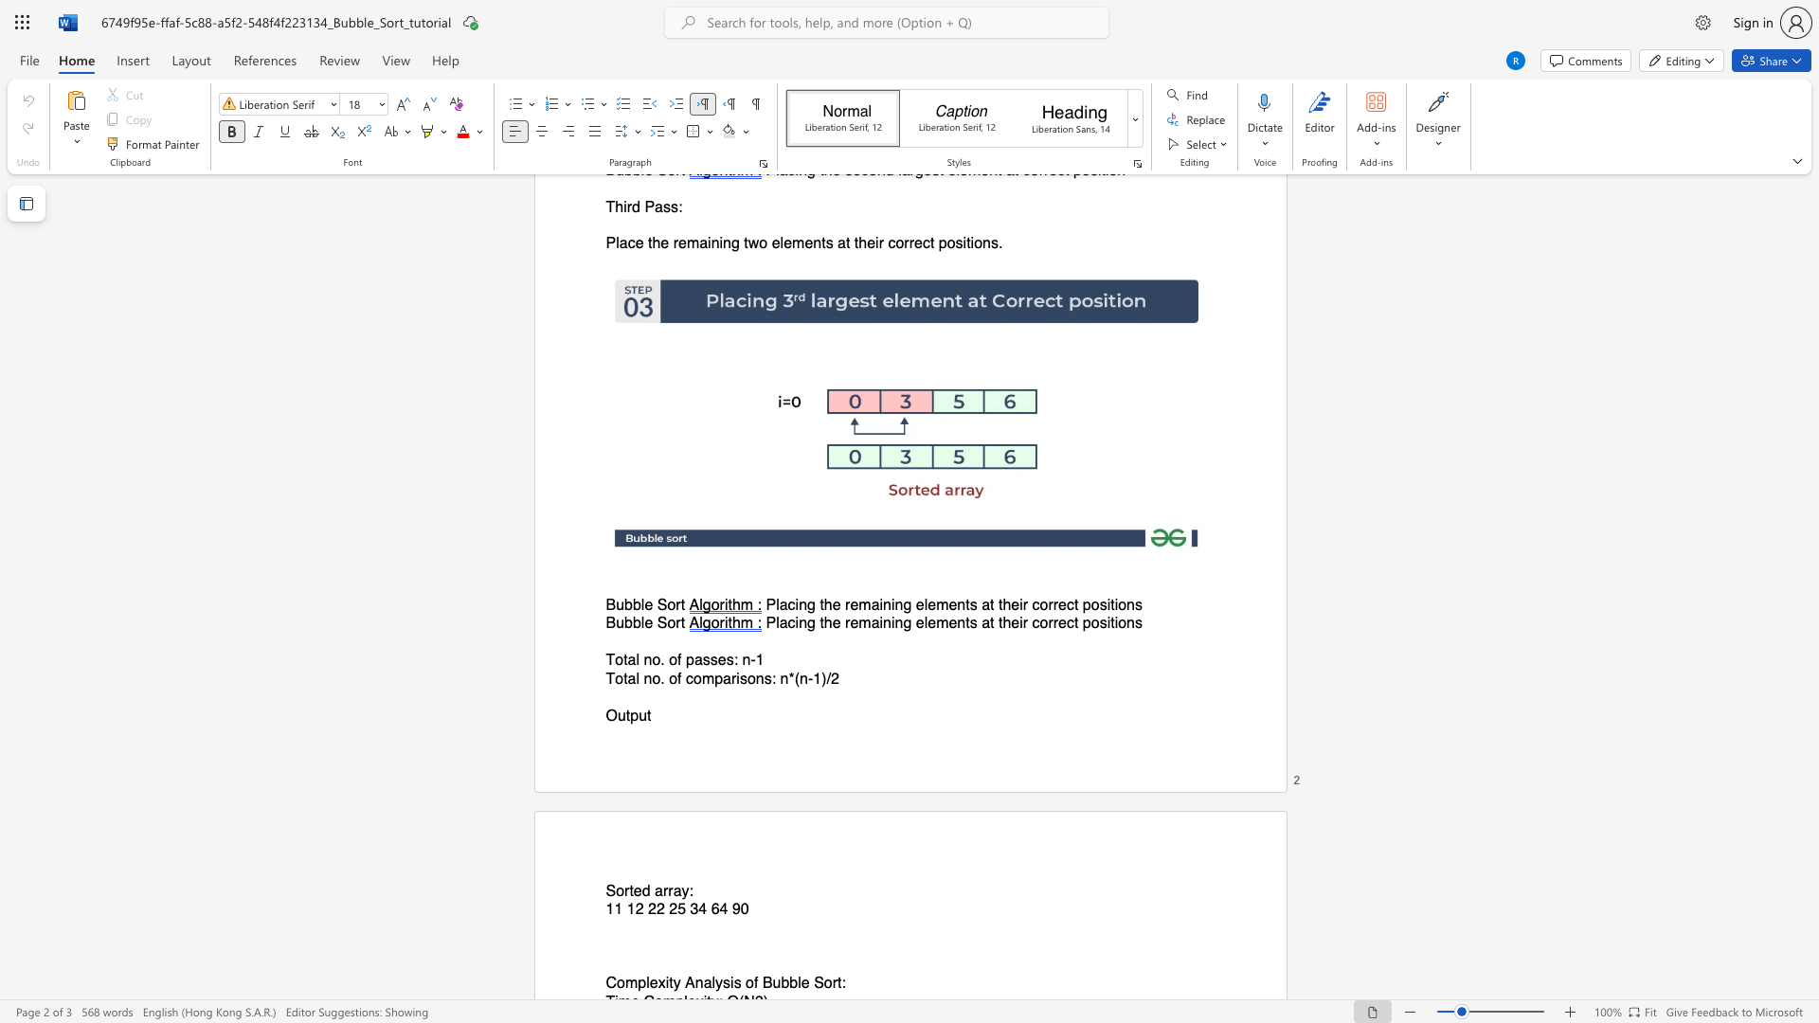 The image size is (1819, 1023). Describe the element at coordinates (604, 677) in the screenshot. I see `the subset text "Total no. of compariso" within the text "Total no. of comparisons: n*(n-1)/2"` at that location.